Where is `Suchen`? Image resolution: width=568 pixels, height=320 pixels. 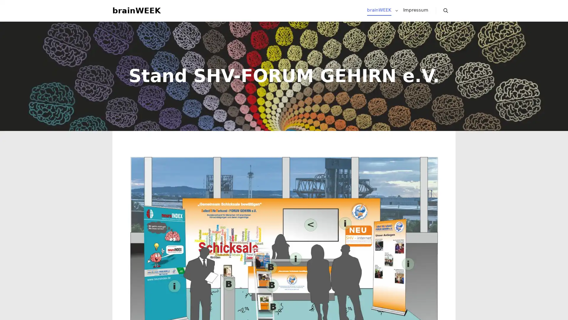 Suchen is located at coordinates (446, 13).